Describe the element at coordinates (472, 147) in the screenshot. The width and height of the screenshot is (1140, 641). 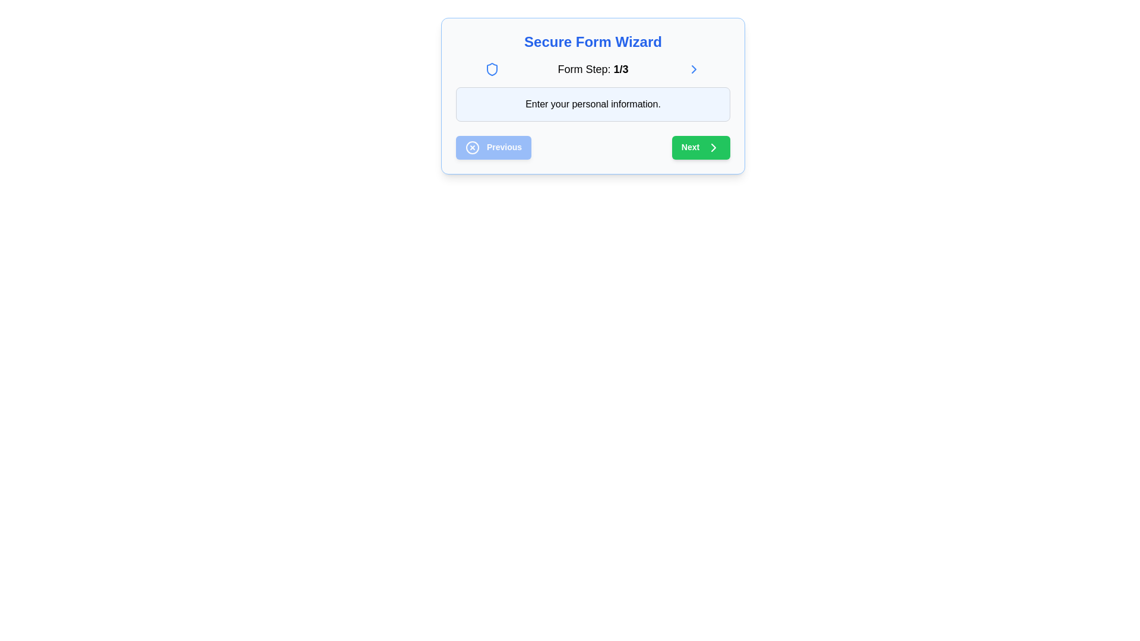
I see `the decorative 'cancel' icon located to the far left within the 'Previous' button, which has a blue background and white text` at that location.